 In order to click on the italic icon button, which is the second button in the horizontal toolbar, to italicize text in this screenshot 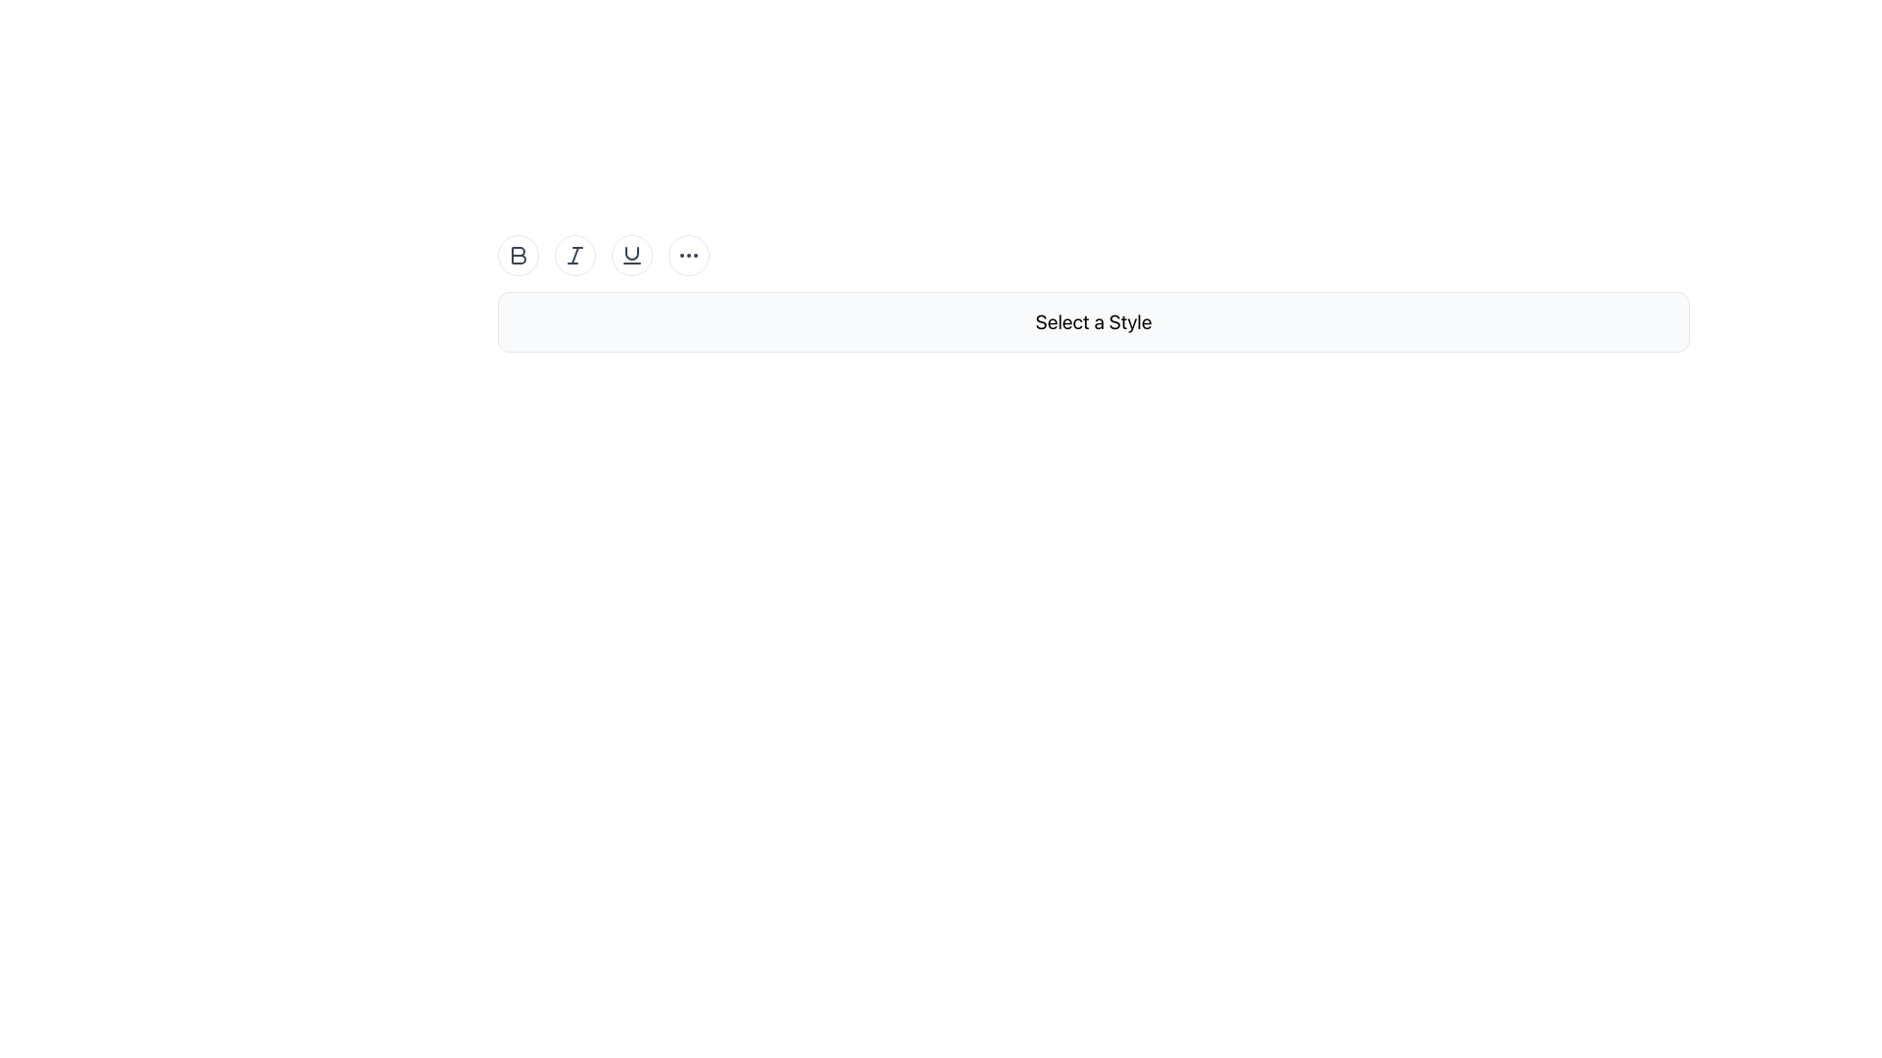, I will do `click(573, 255)`.